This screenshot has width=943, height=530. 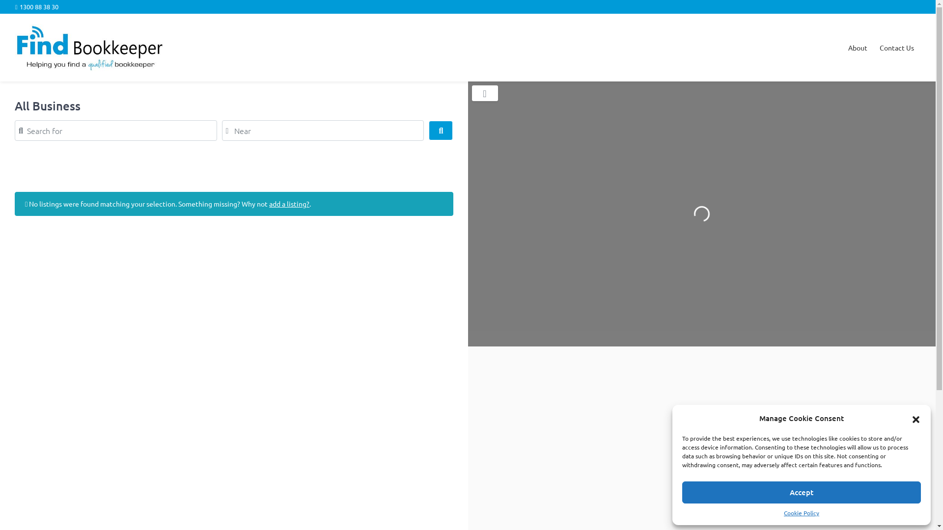 I want to click on 'Contact Us', so click(x=896, y=48).